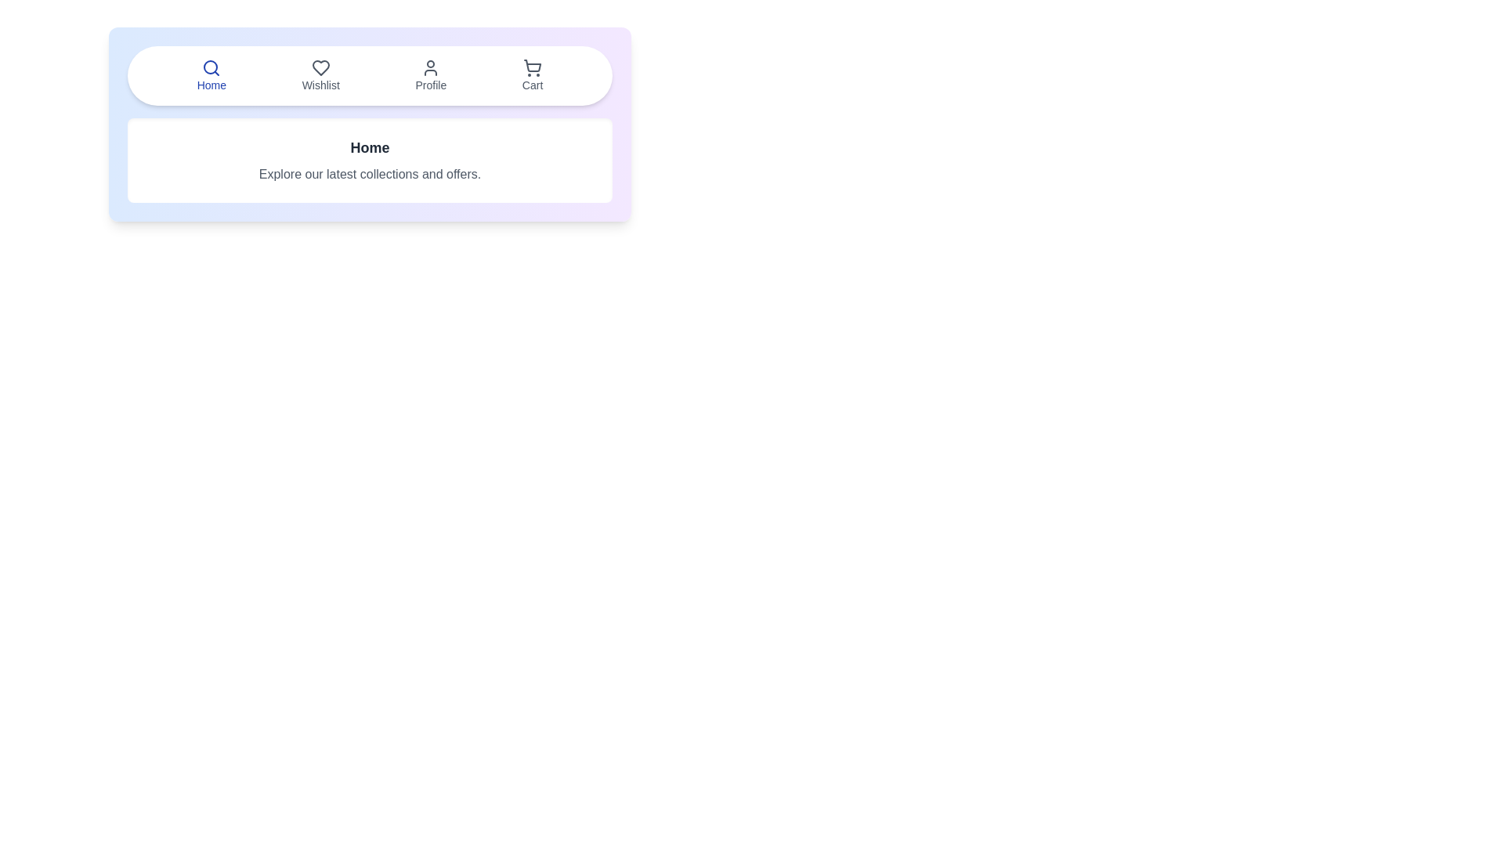  What do you see at coordinates (533, 75) in the screenshot?
I see `the tab labeled Cart to switch to that tab` at bounding box center [533, 75].